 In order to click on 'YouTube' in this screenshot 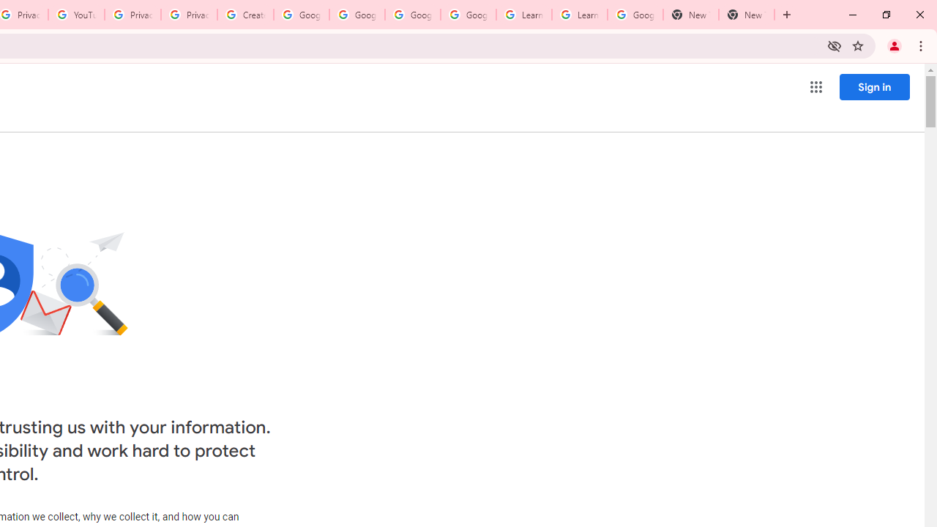, I will do `click(75, 15)`.